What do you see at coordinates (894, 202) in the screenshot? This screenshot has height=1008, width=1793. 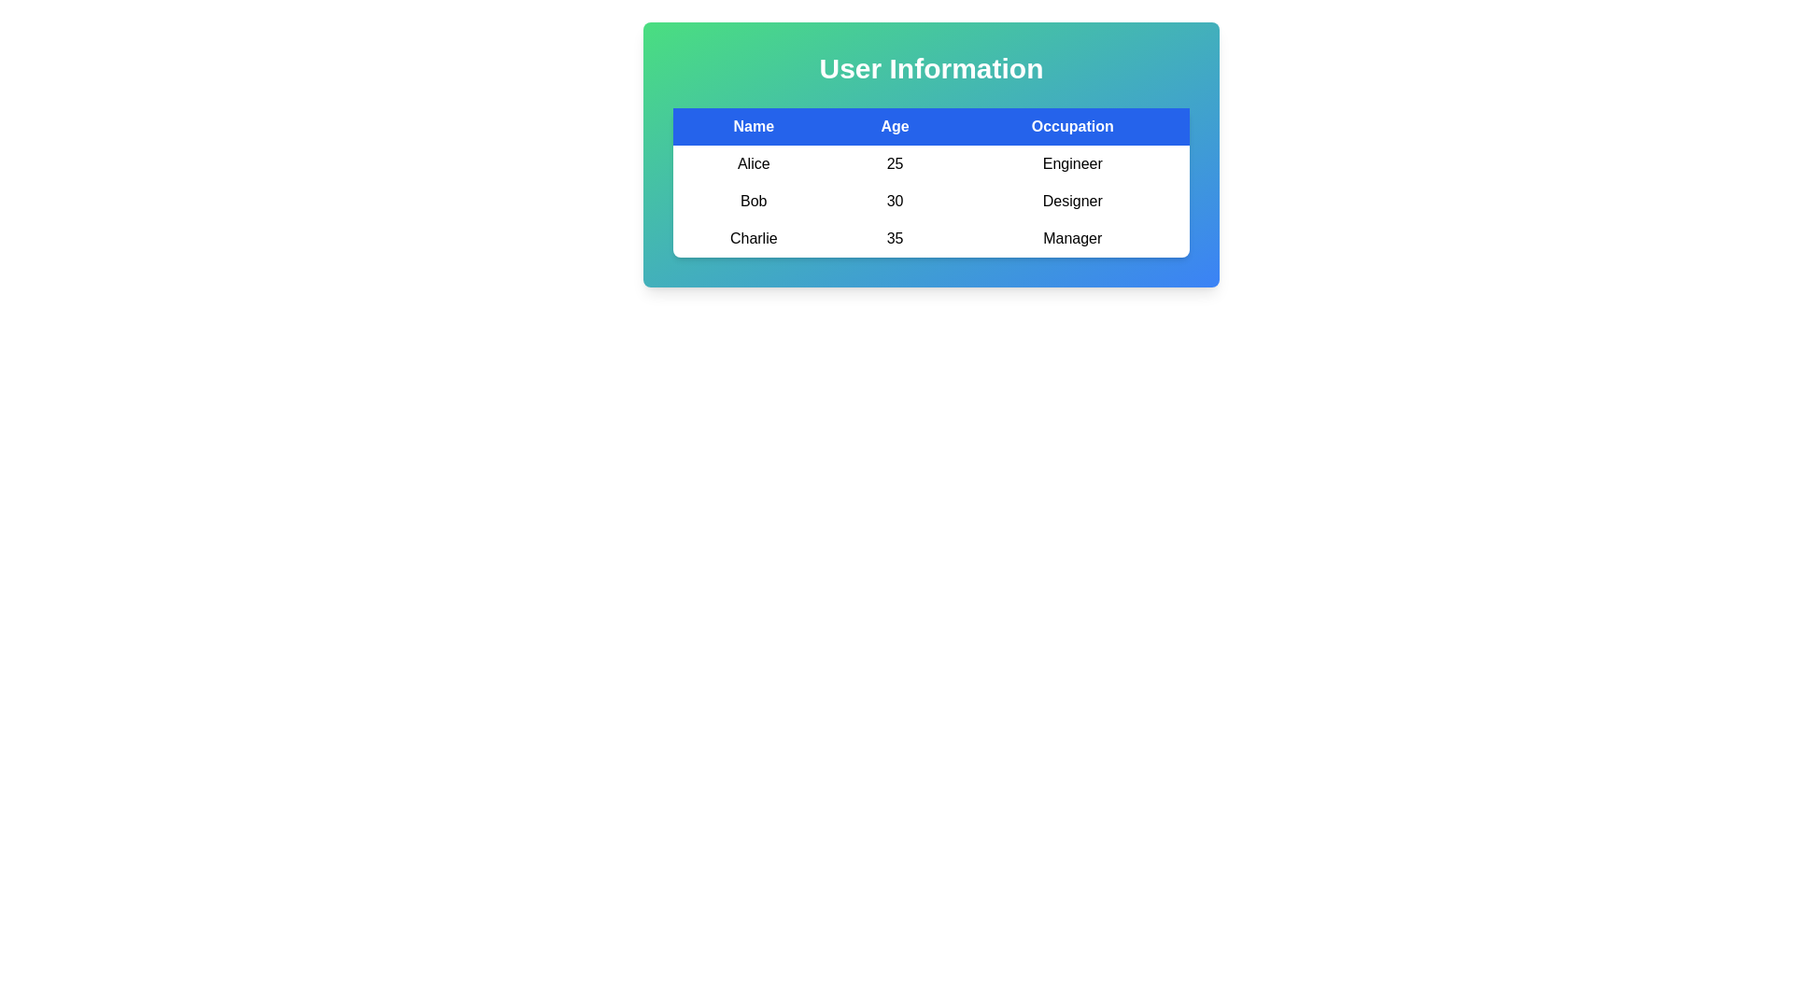 I see `the static text element displaying the number '30', which is located in the middle column of the row corresponding to user 'Bob' in the table` at bounding box center [894, 202].